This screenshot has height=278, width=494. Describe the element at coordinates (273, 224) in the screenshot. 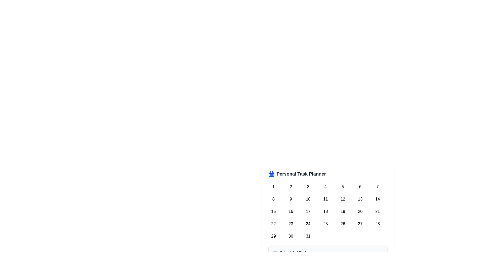

I see `the button representing the date '22' in the calendar interface` at that location.